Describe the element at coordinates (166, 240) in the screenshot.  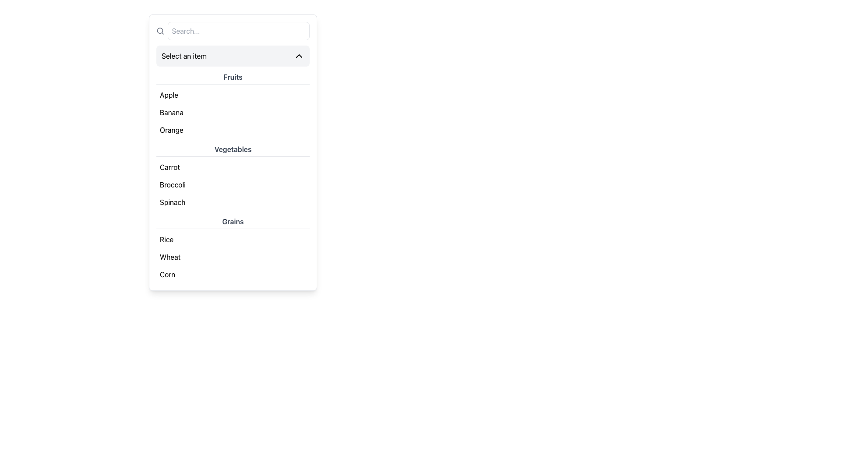
I see `the text label displaying 'Rice'` at that location.